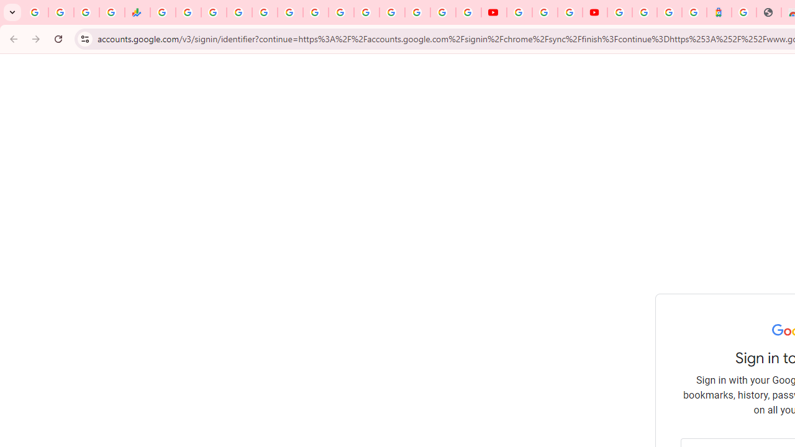 The width and height of the screenshot is (795, 447). Describe the element at coordinates (619, 12) in the screenshot. I see `'Sign in - Google Accounts'` at that location.